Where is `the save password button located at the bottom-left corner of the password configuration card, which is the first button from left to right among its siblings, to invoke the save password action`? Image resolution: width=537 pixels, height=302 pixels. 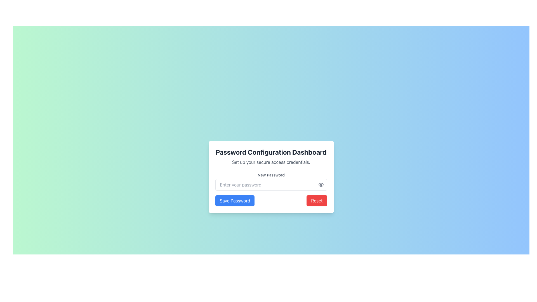
the save password button located at the bottom-left corner of the password configuration card, which is the first button from left to right among its siblings, to invoke the save password action is located at coordinates (235, 200).